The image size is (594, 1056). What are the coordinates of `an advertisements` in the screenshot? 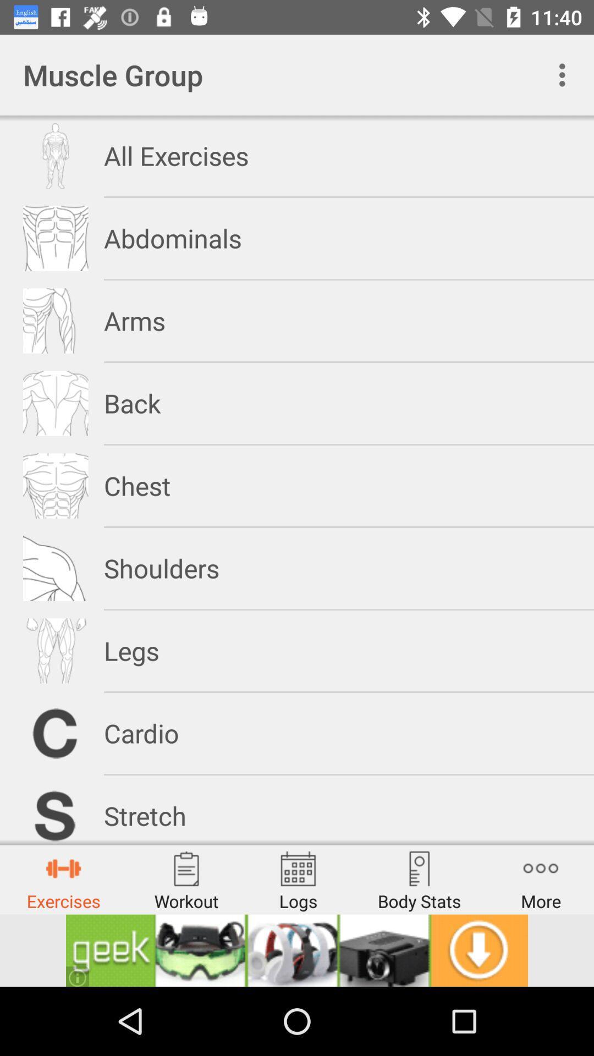 It's located at (297, 950).